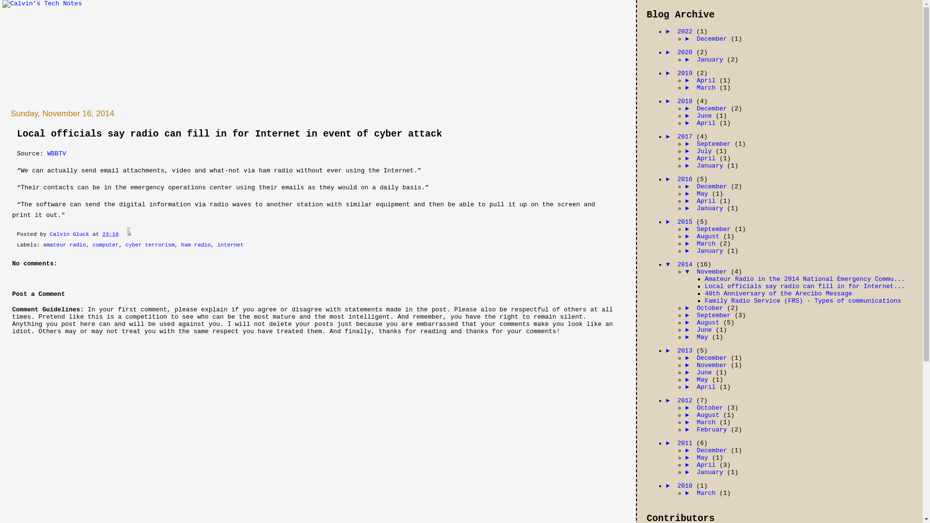  Describe the element at coordinates (110, 234) in the screenshot. I see `'23:16'` at that location.